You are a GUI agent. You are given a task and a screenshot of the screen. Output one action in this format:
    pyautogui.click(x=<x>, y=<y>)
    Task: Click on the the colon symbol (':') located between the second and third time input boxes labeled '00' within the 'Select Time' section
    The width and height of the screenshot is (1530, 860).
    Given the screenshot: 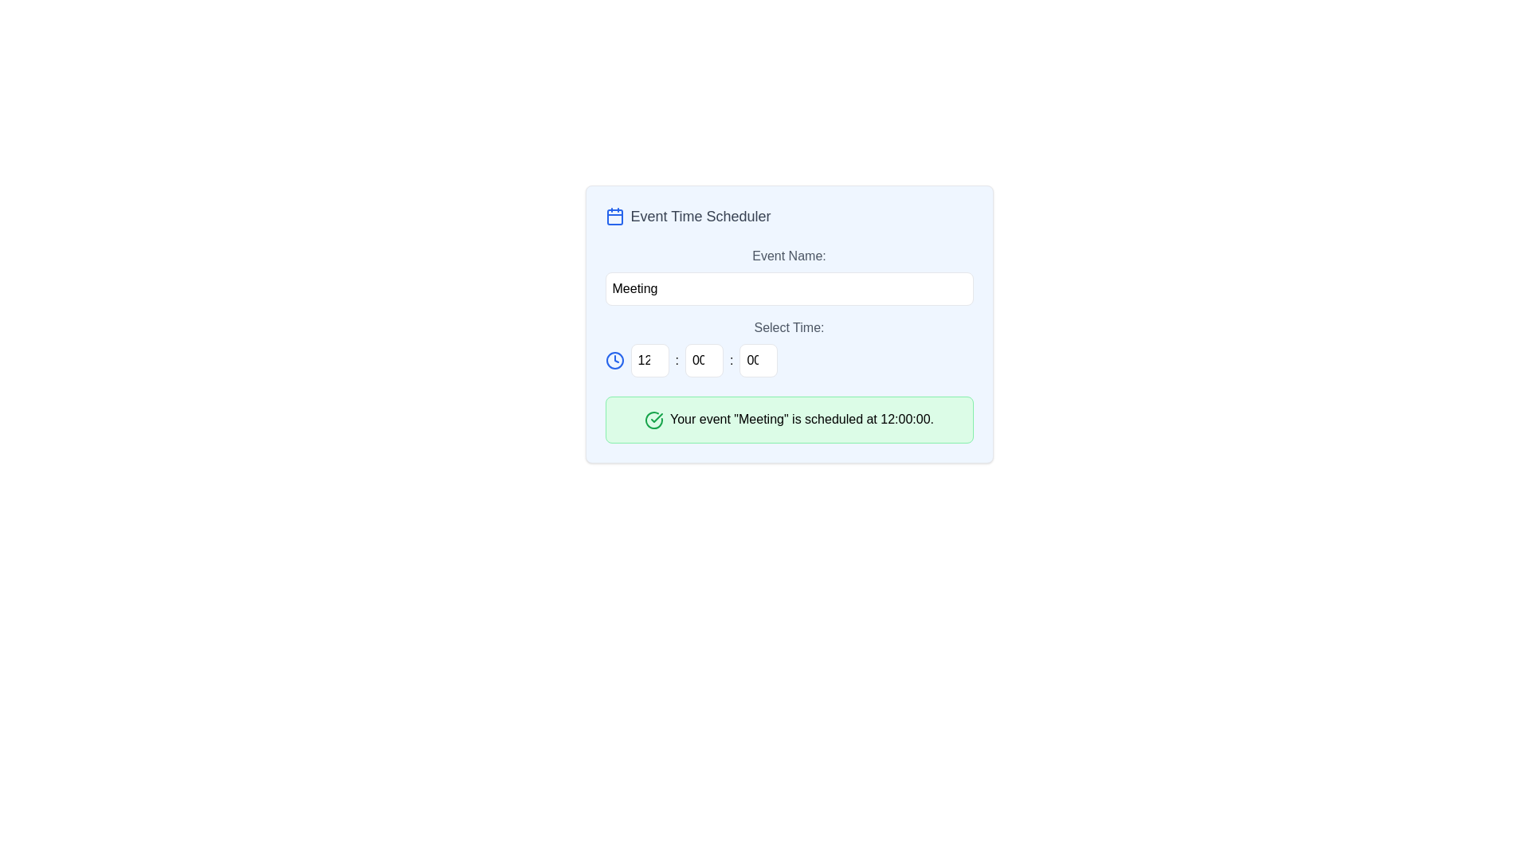 What is the action you would take?
    pyautogui.click(x=731, y=360)
    